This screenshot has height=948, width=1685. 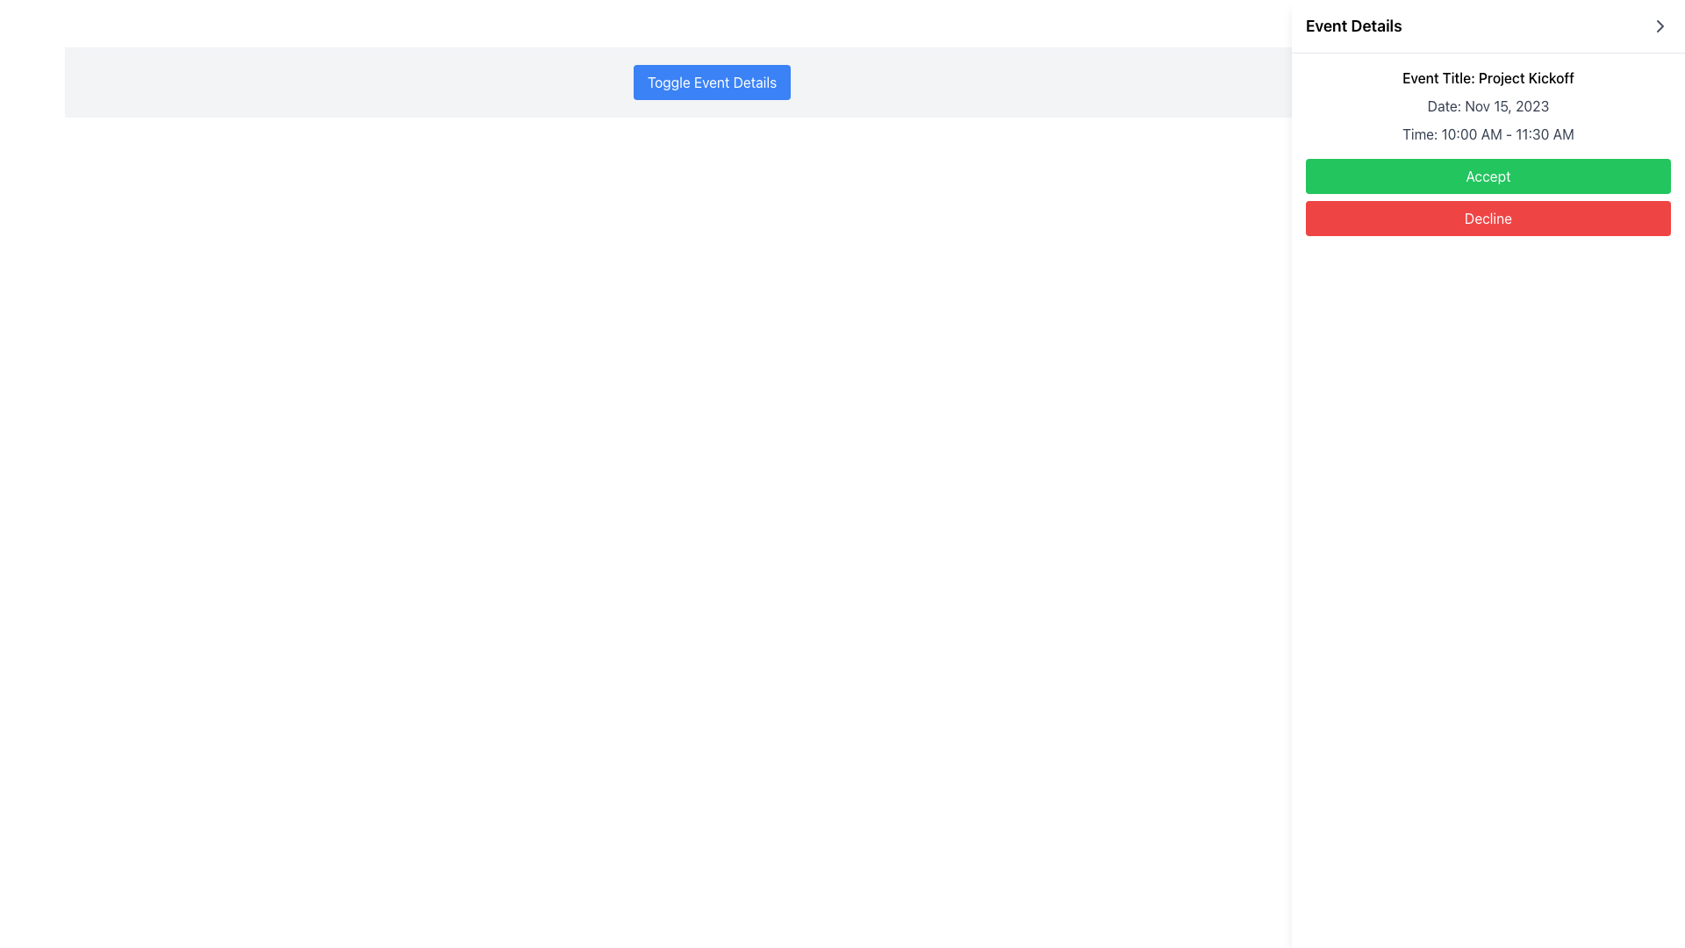 I want to click on the text label displaying 'Time: 10:00 AM - 11:30 AM', which is located in the 'Event Details' section, positioned above the 'Accept' and 'Decline' buttons, so click(x=1487, y=133).